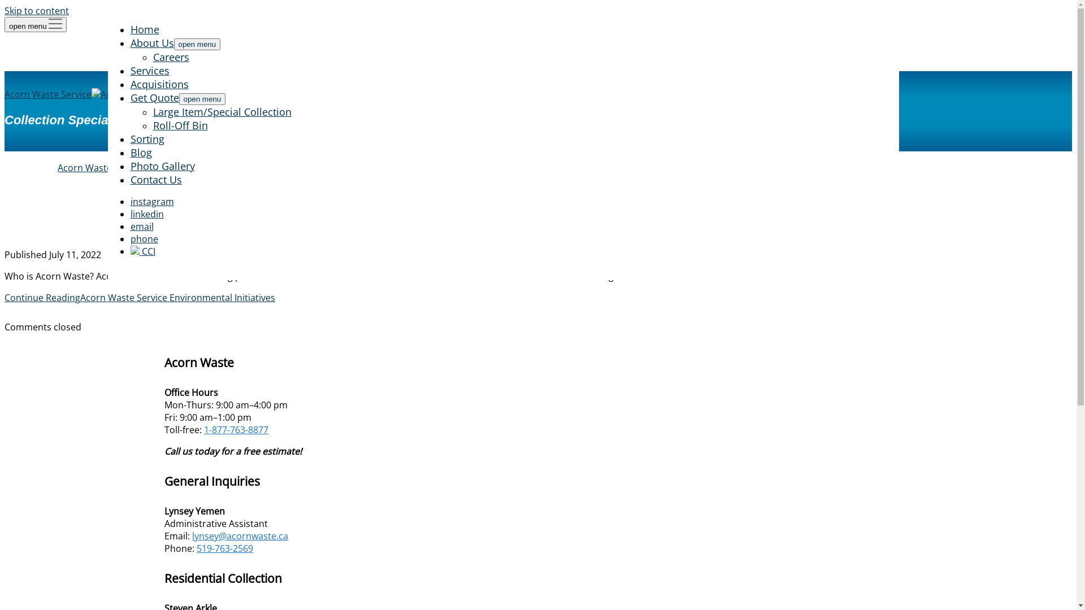  What do you see at coordinates (5, 11) in the screenshot?
I see `'Skip to content'` at bounding box center [5, 11].